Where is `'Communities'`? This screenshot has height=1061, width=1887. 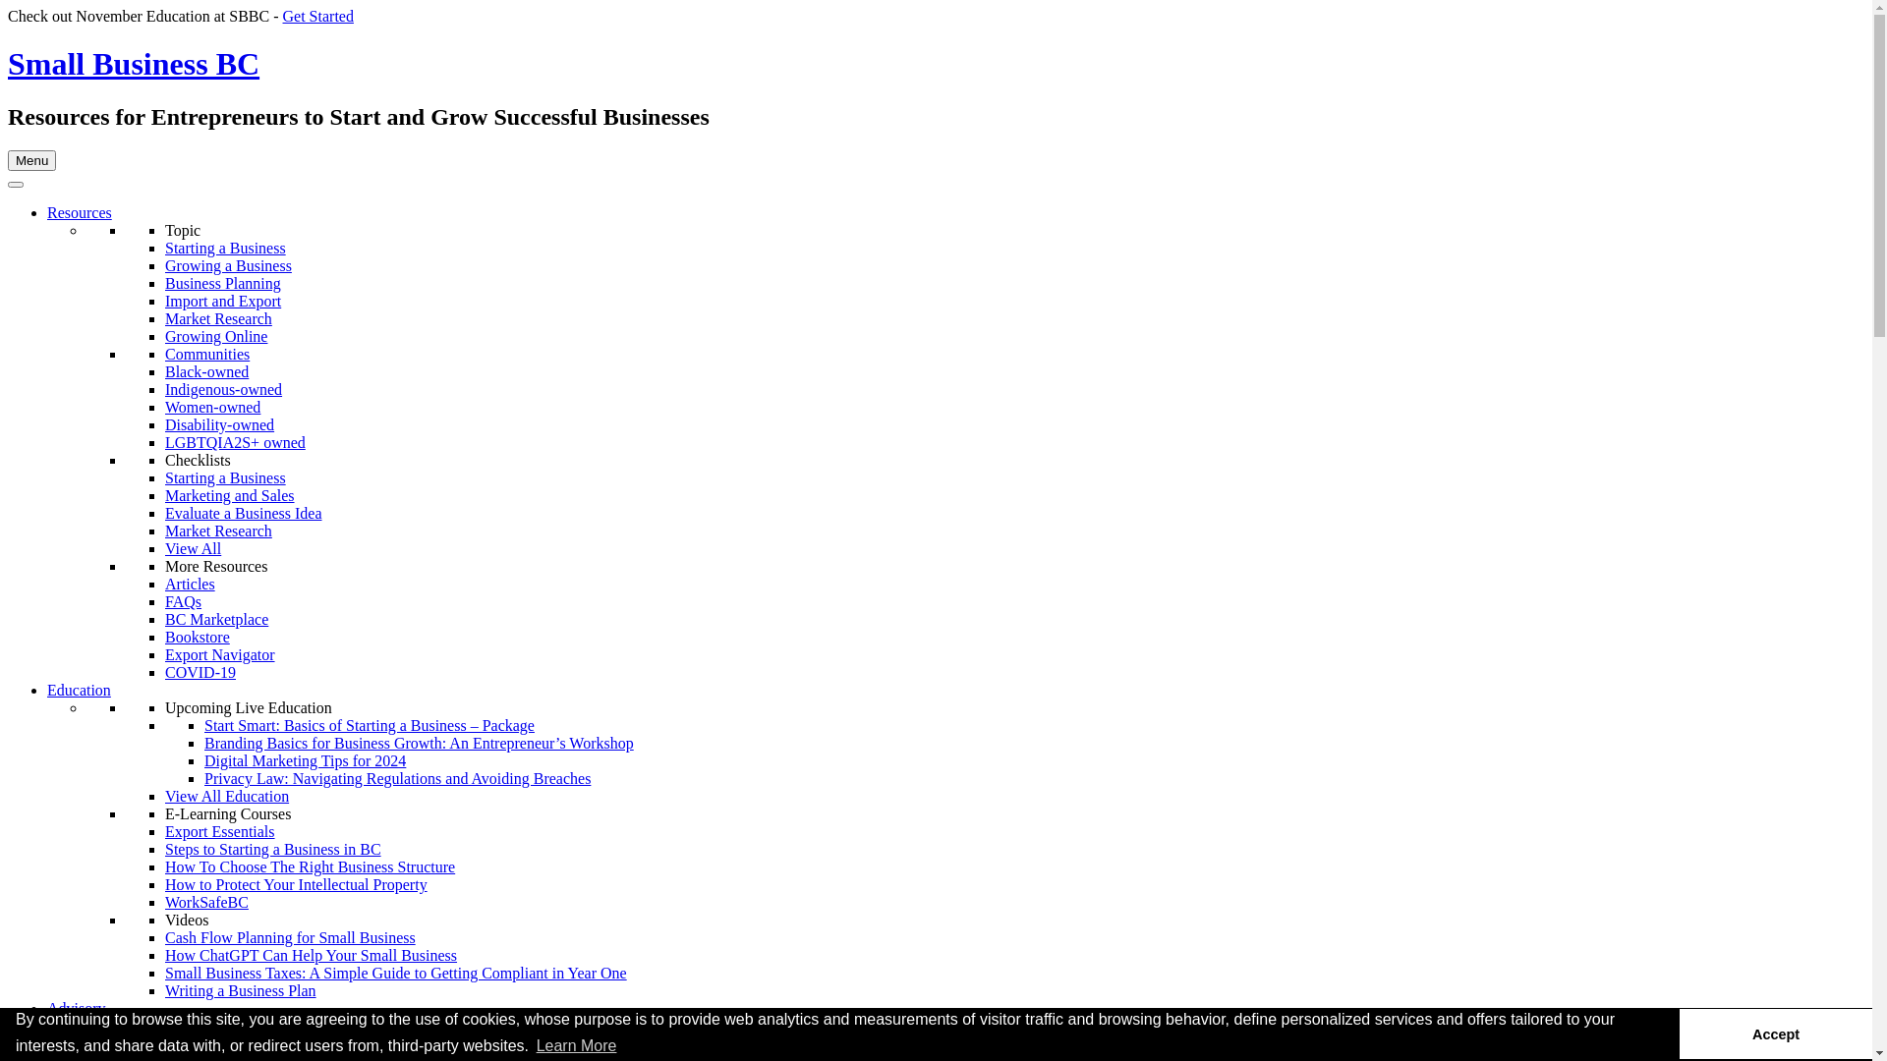
'Communities' is located at coordinates (207, 354).